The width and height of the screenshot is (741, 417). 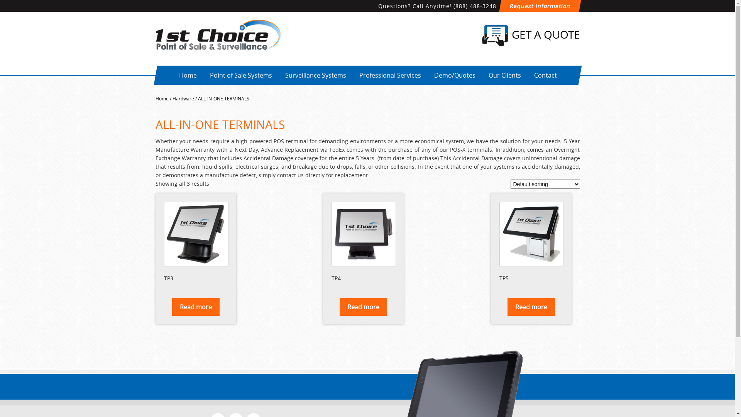 What do you see at coordinates (0, 0) in the screenshot?
I see `'Skip to primary navigation'` at bounding box center [0, 0].